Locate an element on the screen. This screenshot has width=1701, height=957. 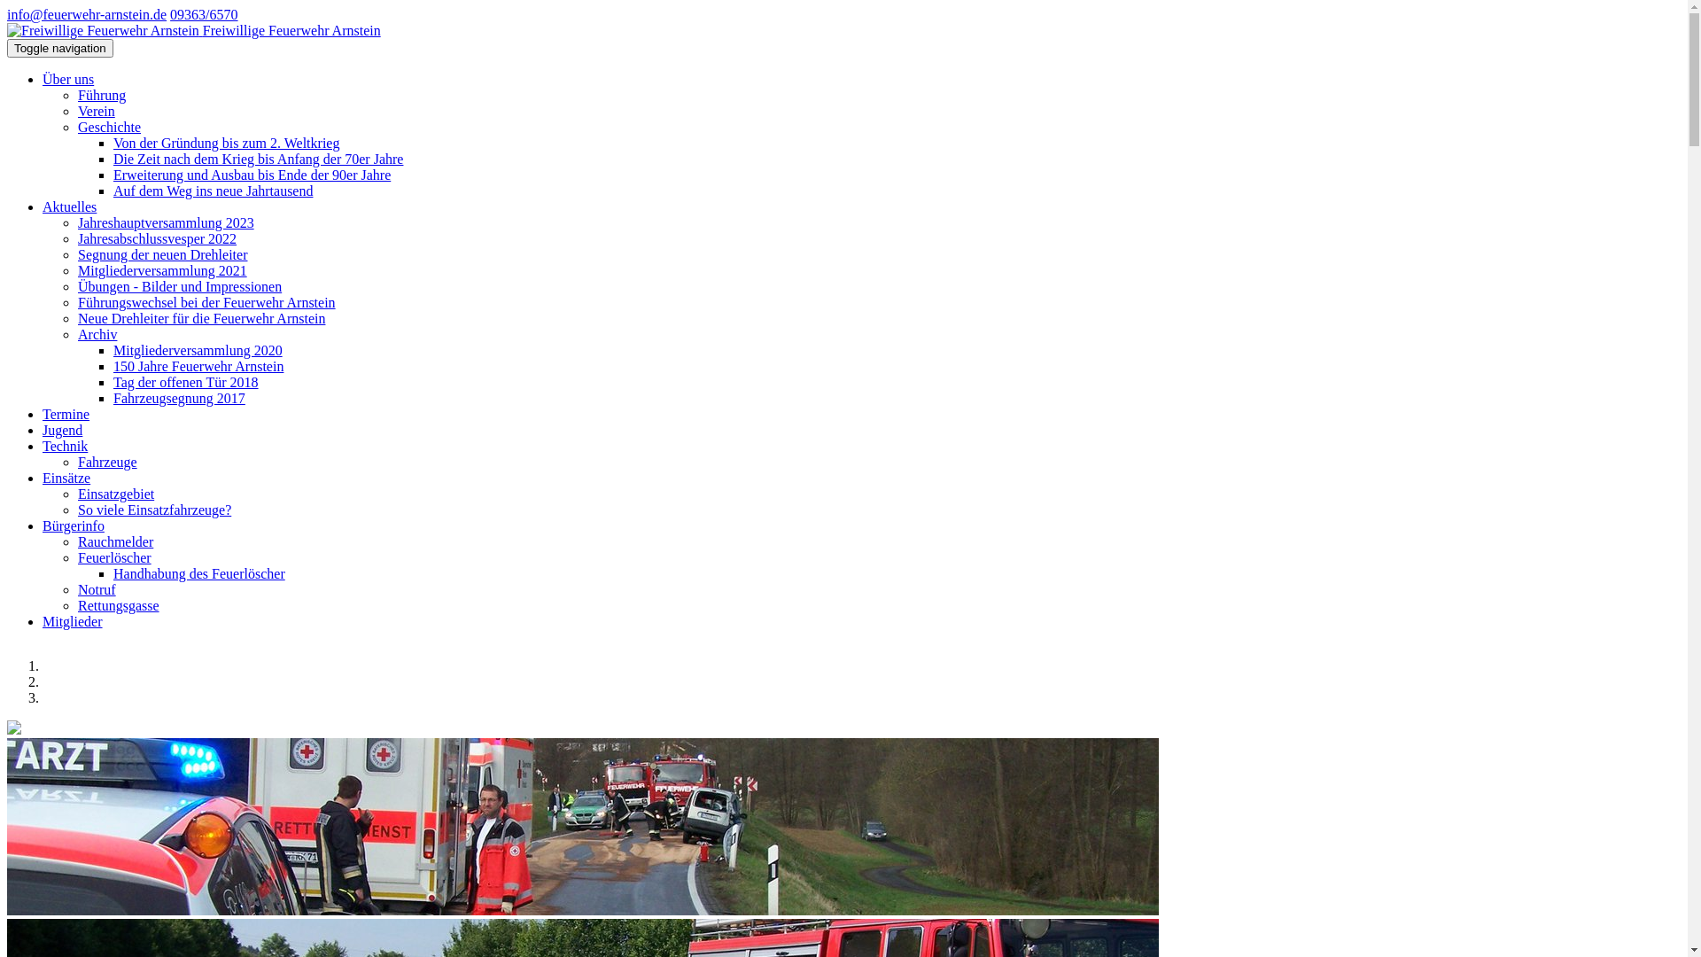
'Jahresabschlussvesper 2022' is located at coordinates (157, 237).